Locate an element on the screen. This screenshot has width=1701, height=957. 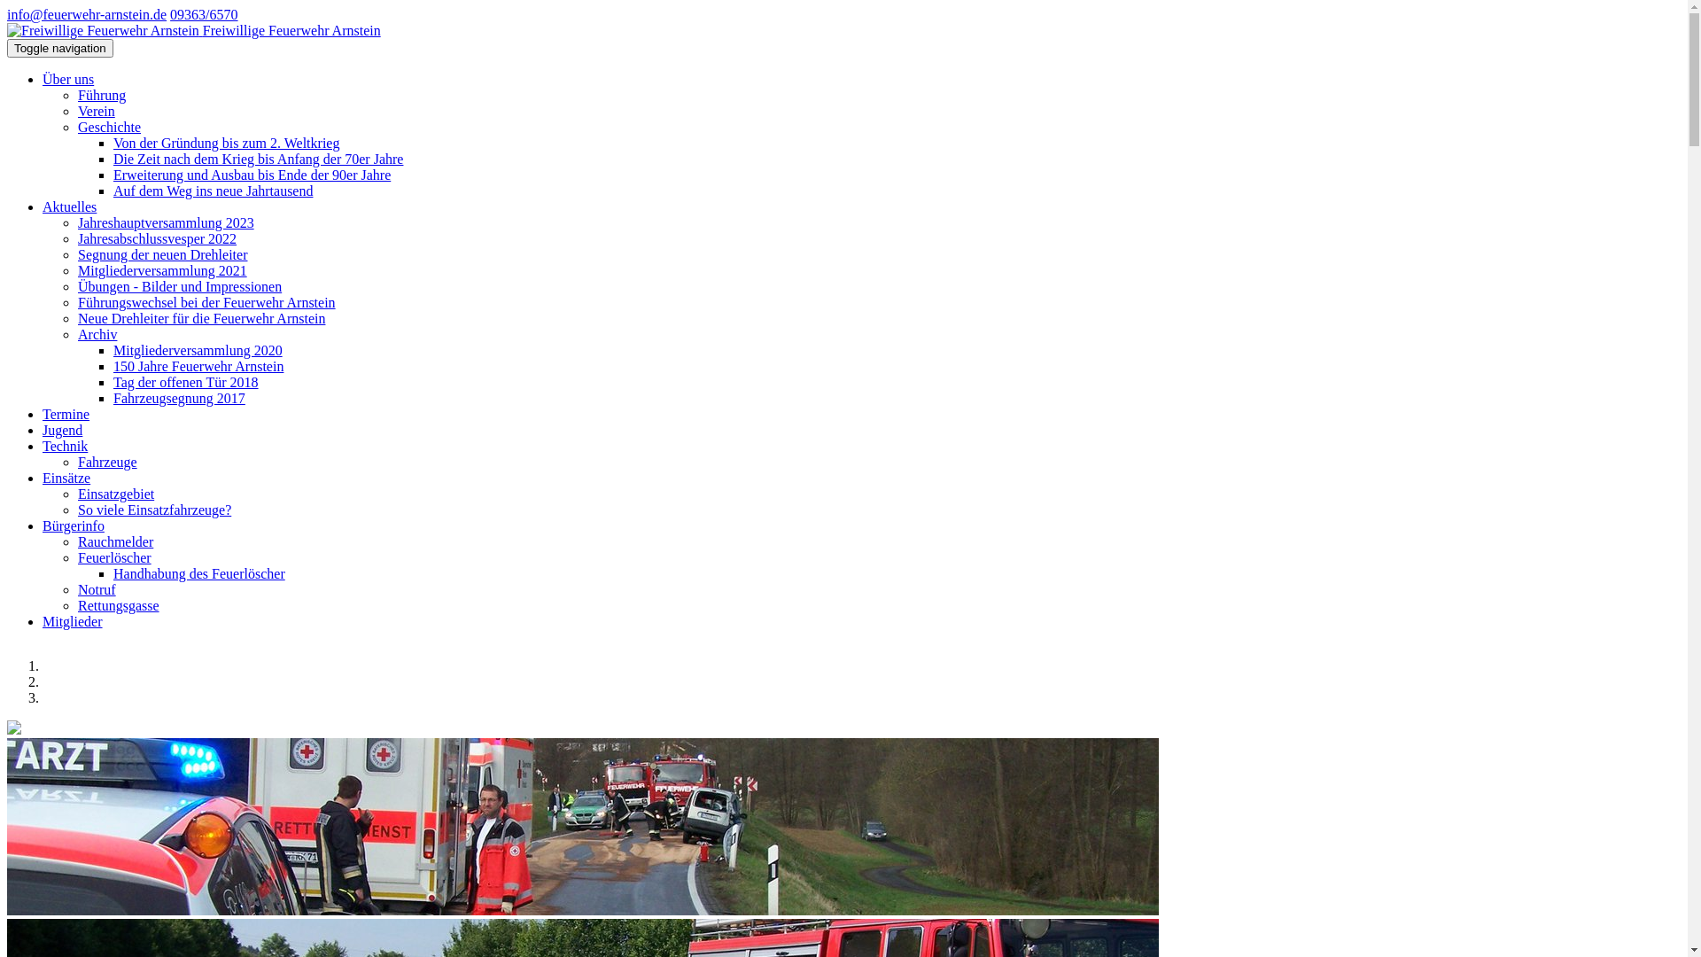
'Jahresabschlussvesper 2022' is located at coordinates (157, 237).